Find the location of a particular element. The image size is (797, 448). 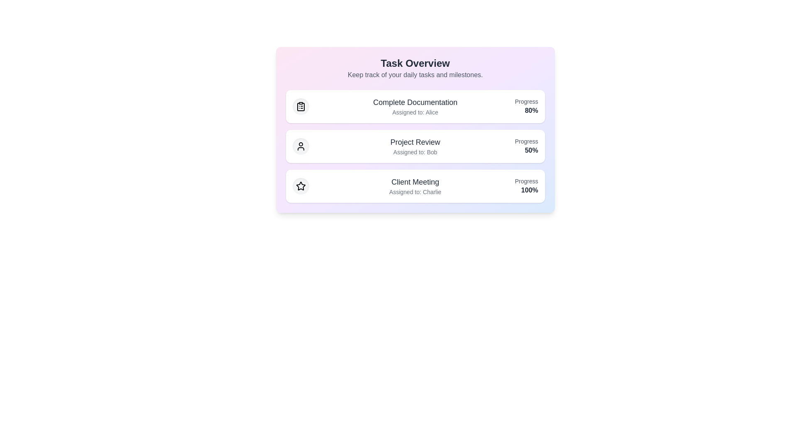

the task item Complete Documentation to highlight it is located at coordinates (415, 106).